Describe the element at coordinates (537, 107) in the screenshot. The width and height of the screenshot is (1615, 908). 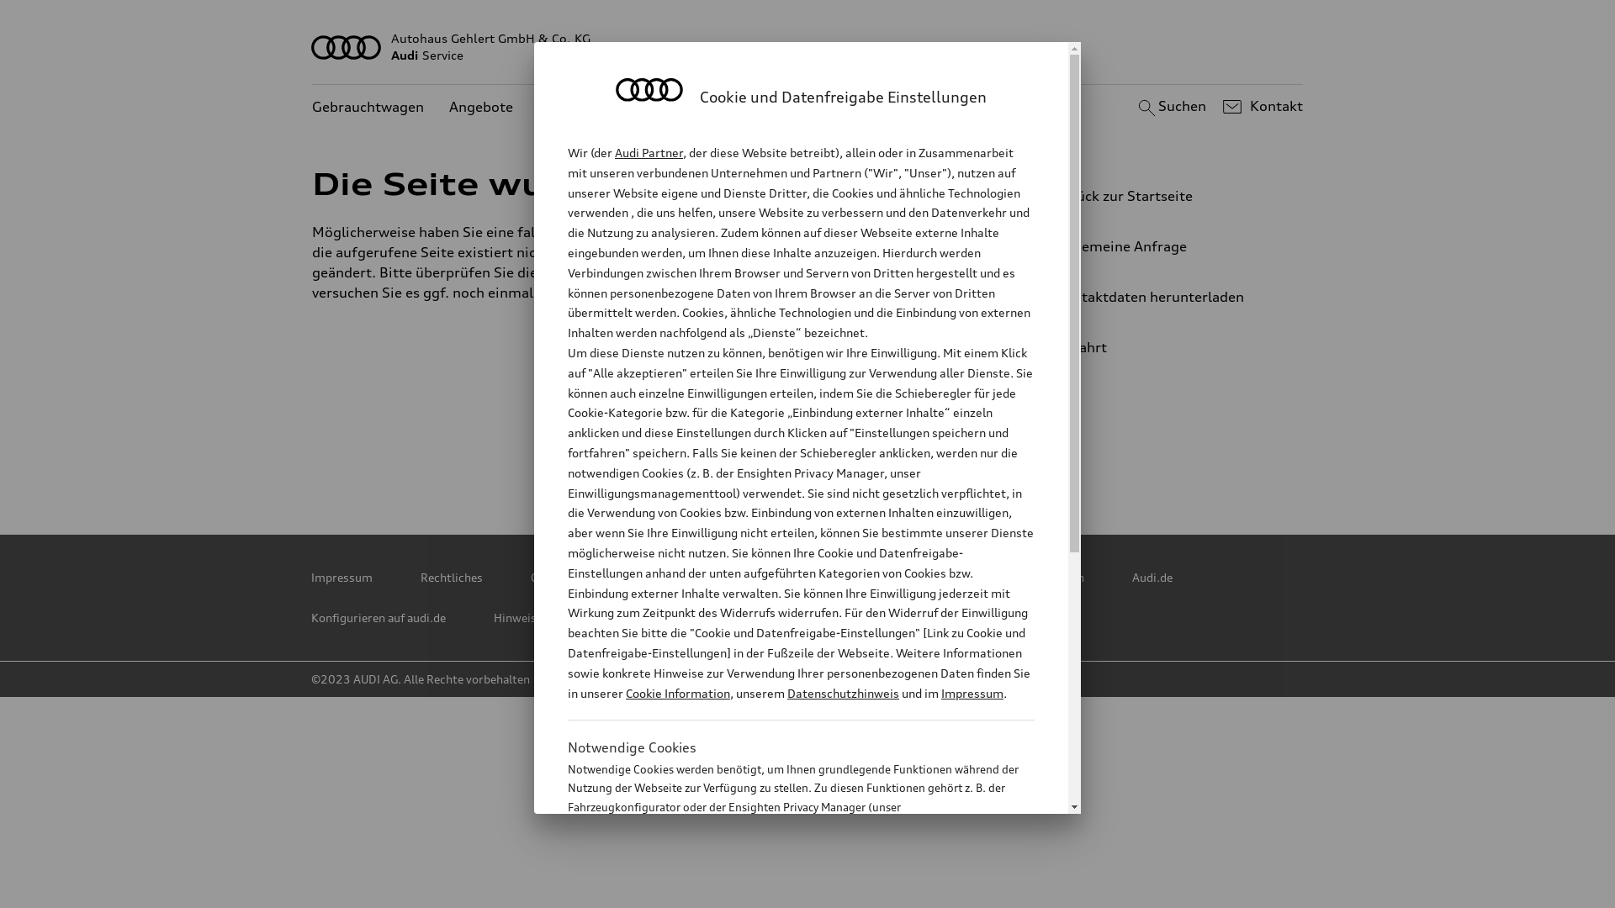
I see `'Kundenservice'` at that location.